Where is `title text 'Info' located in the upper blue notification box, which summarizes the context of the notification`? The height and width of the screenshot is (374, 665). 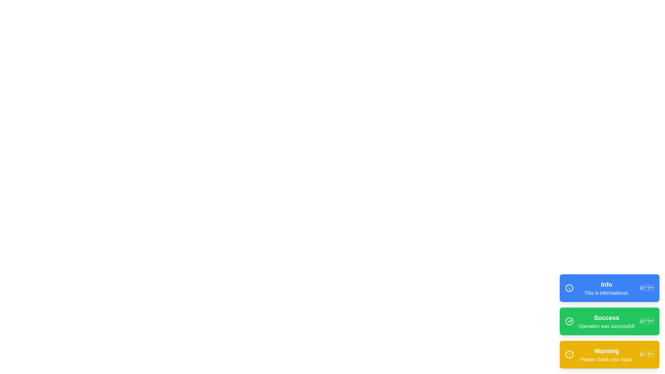 title text 'Info' located in the upper blue notification box, which summarizes the context of the notification is located at coordinates (606, 284).